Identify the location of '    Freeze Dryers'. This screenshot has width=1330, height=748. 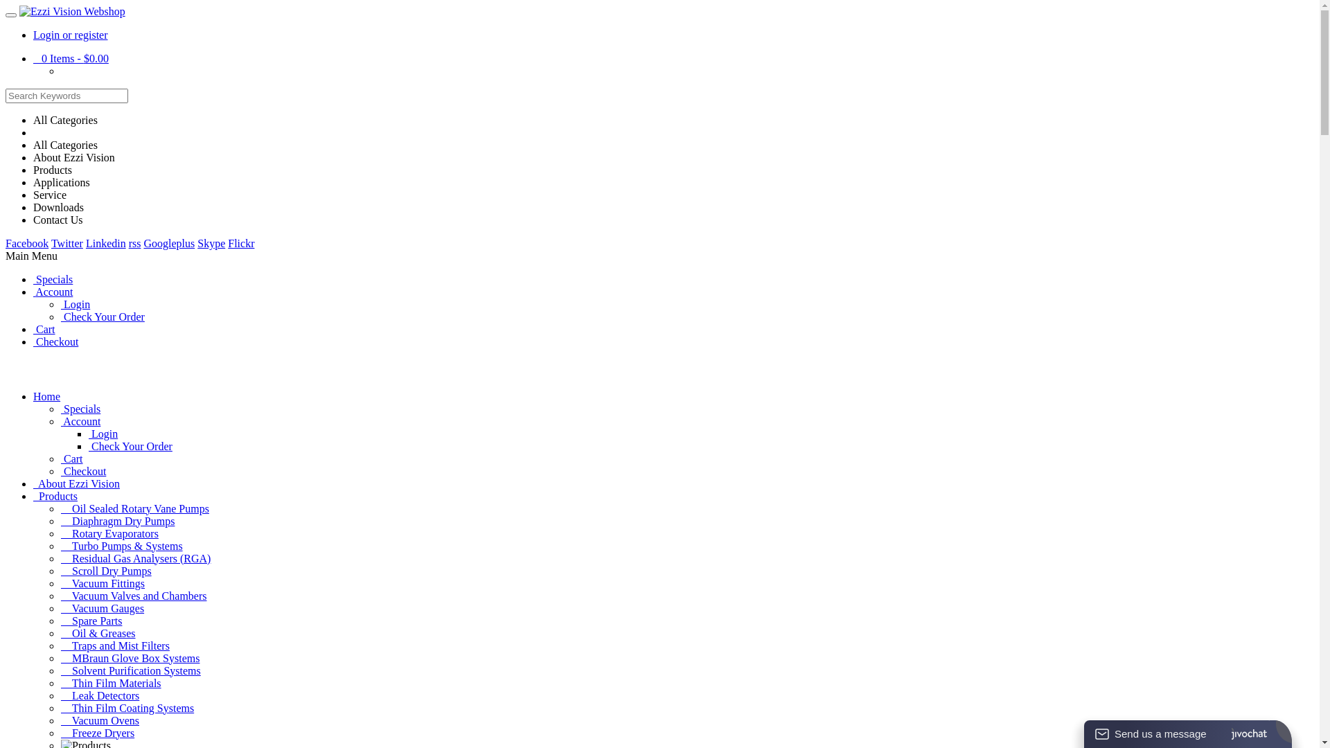
(96, 732).